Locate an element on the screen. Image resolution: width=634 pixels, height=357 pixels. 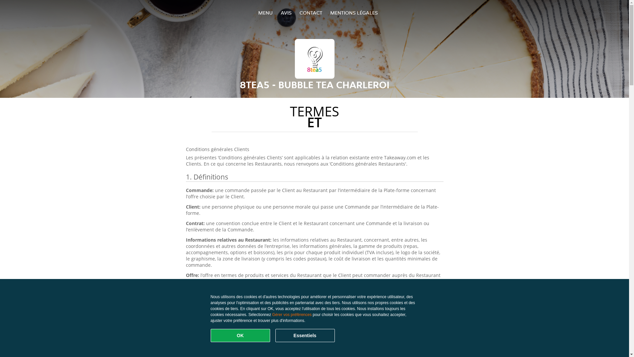
'OK' is located at coordinates (240, 335).